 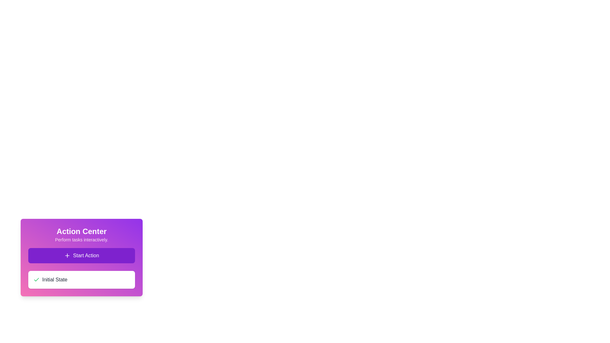 I want to click on the Text label that provides a descriptive subtitle or guidance text referring to the 'Action Center' heading, located within the purple gradient card interface, directly below the heading and above the '+ Start Action' button, so click(x=81, y=240).